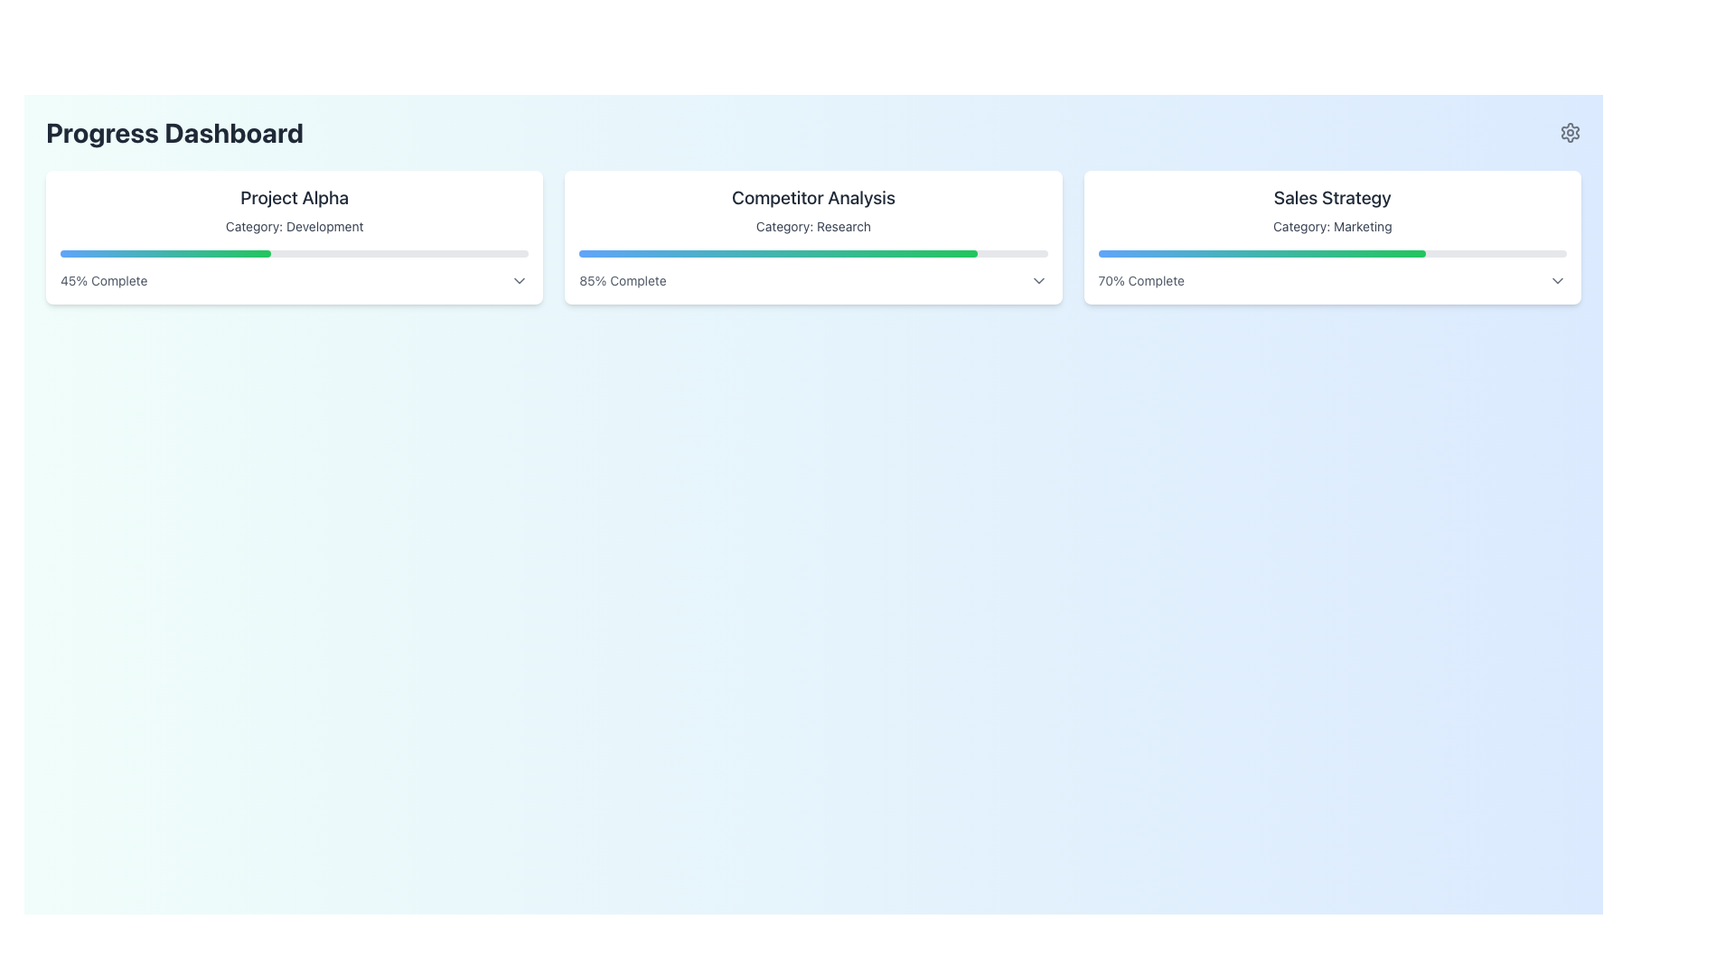  What do you see at coordinates (295, 281) in the screenshot?
I see `the dropdown control associated with the completion percentage label for Project Alpha, located at the bottom right of the card` at bounding box center [295, 281].